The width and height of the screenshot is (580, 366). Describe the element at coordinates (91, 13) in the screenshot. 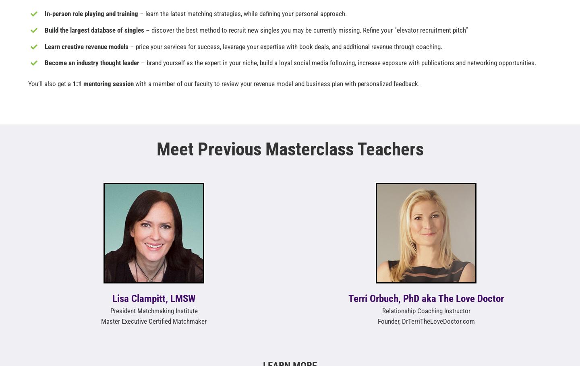

I see `'In-person role playing and training'` at that location.